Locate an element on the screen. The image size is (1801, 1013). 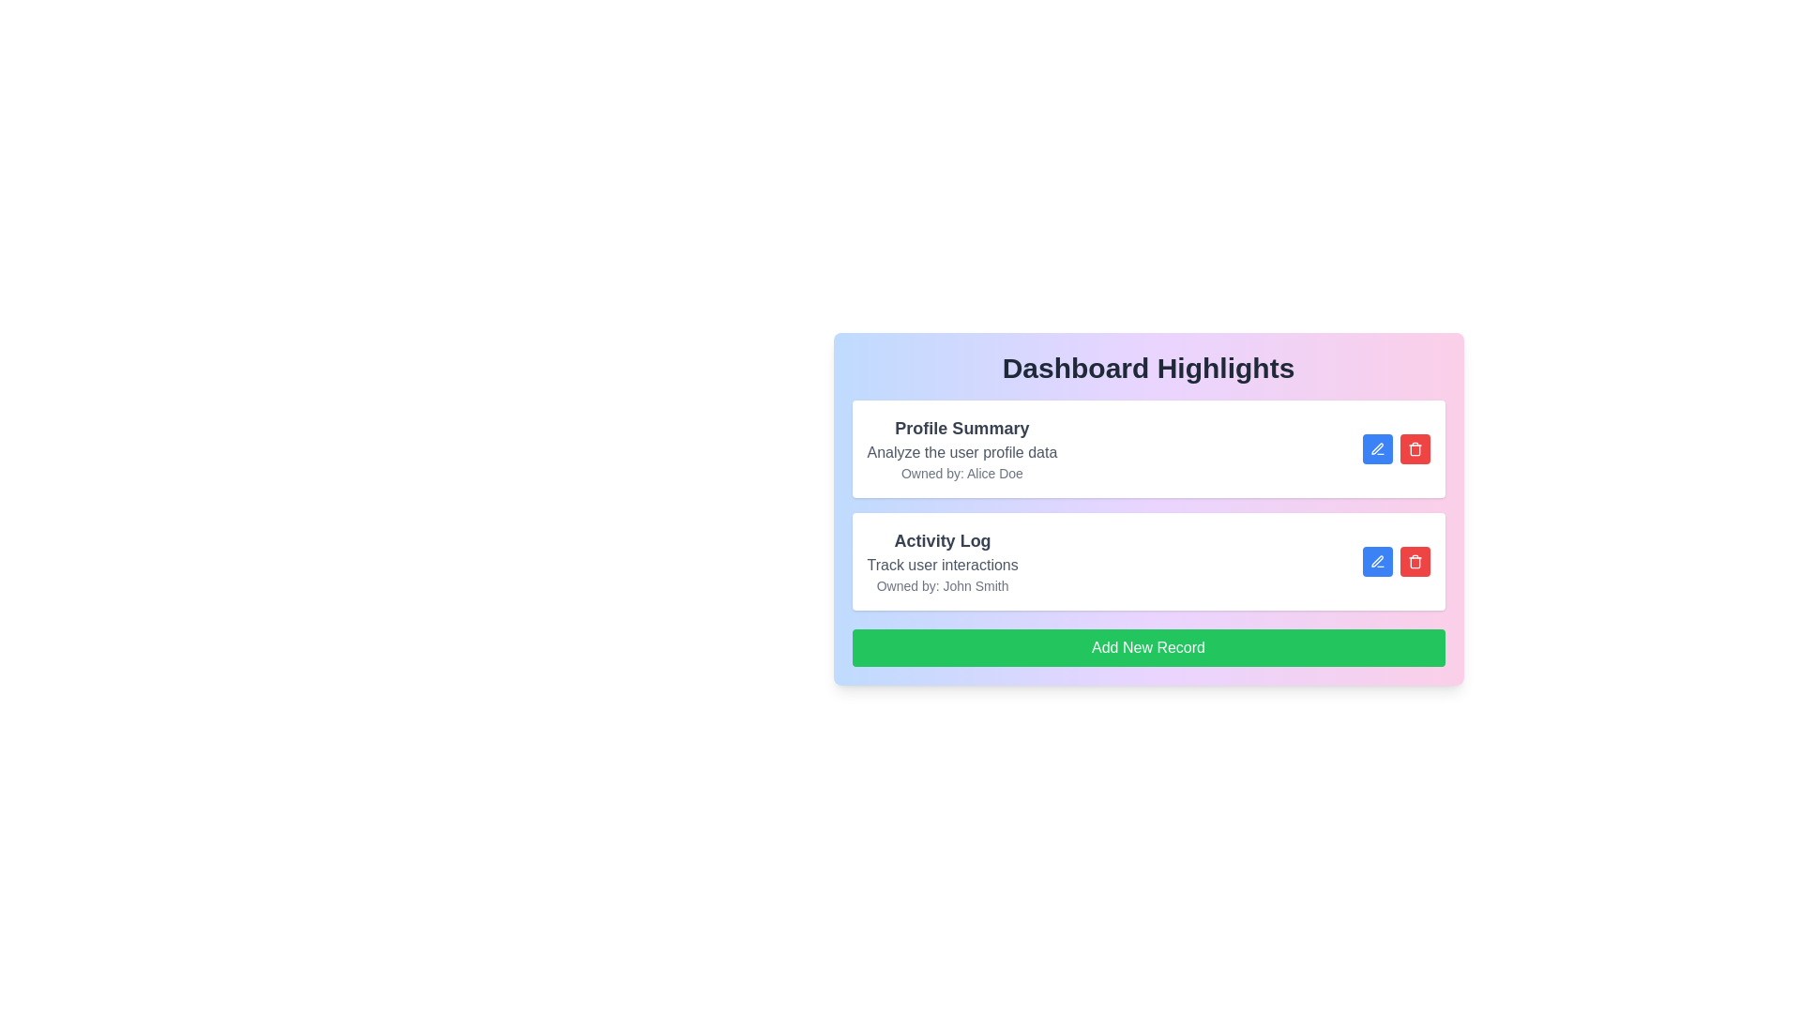
the Edit/pen icon button located in the Profile Summary section of the dashboard highlights card is located at coordinates (1377, 448).